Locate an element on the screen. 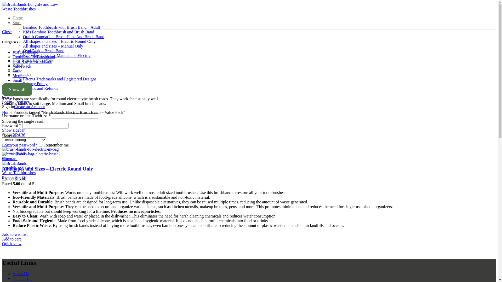 The height and width of the screenshot is (282, 502). 'Returns and Refunds' is located at coordinates (22, 88).